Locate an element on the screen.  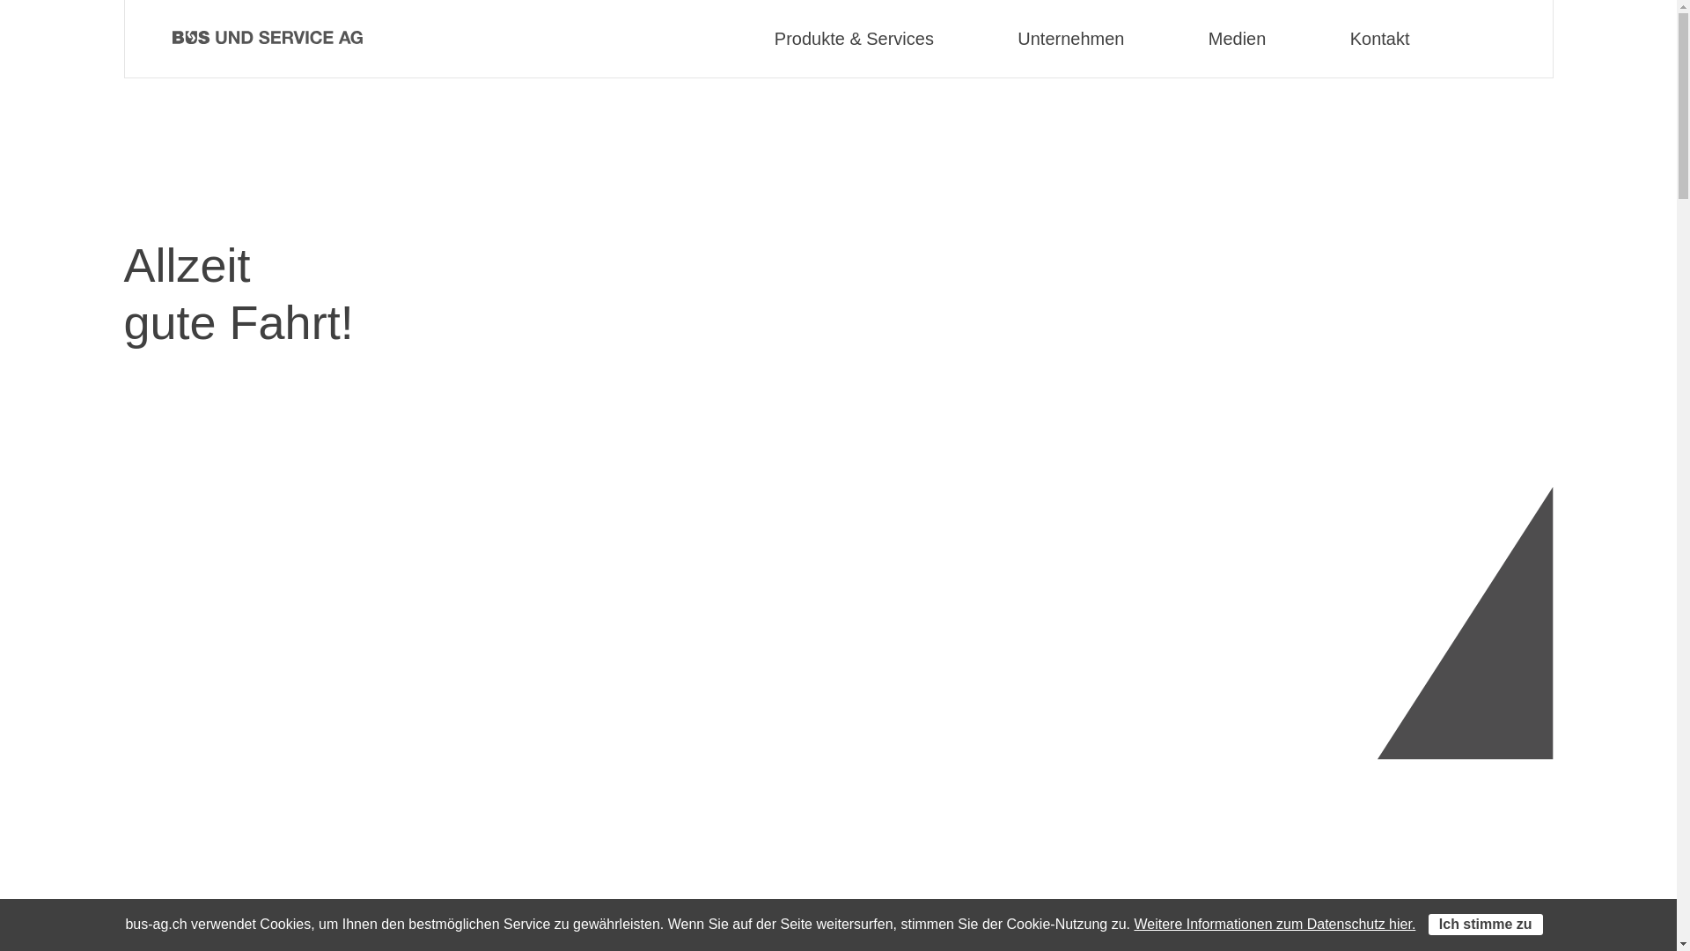
'Weitere Informationen zum Datenschutz hier.' is located at coordinates (1275, 923).